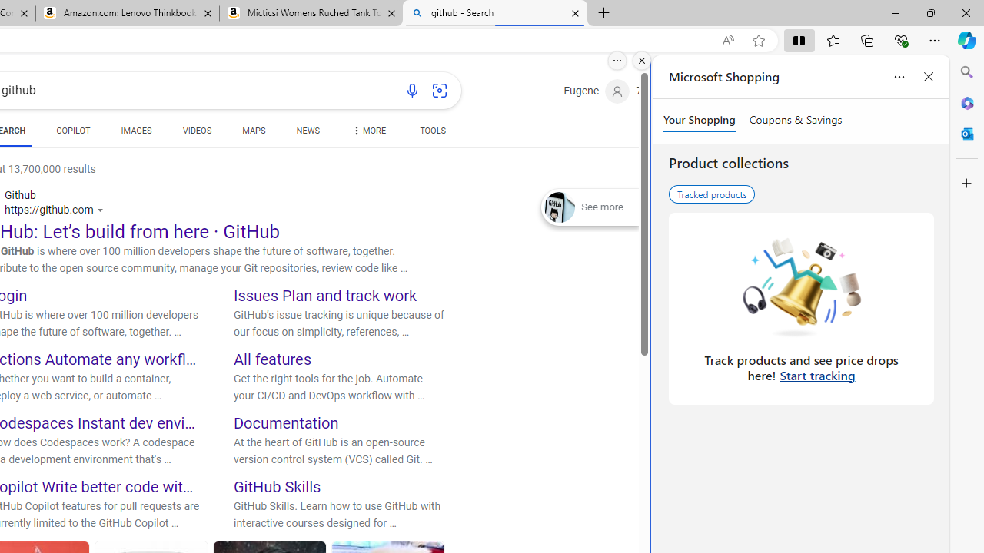 The height and width of the screenshot is (553, 984). I want to click on 'Documentation', so click(287, 422).